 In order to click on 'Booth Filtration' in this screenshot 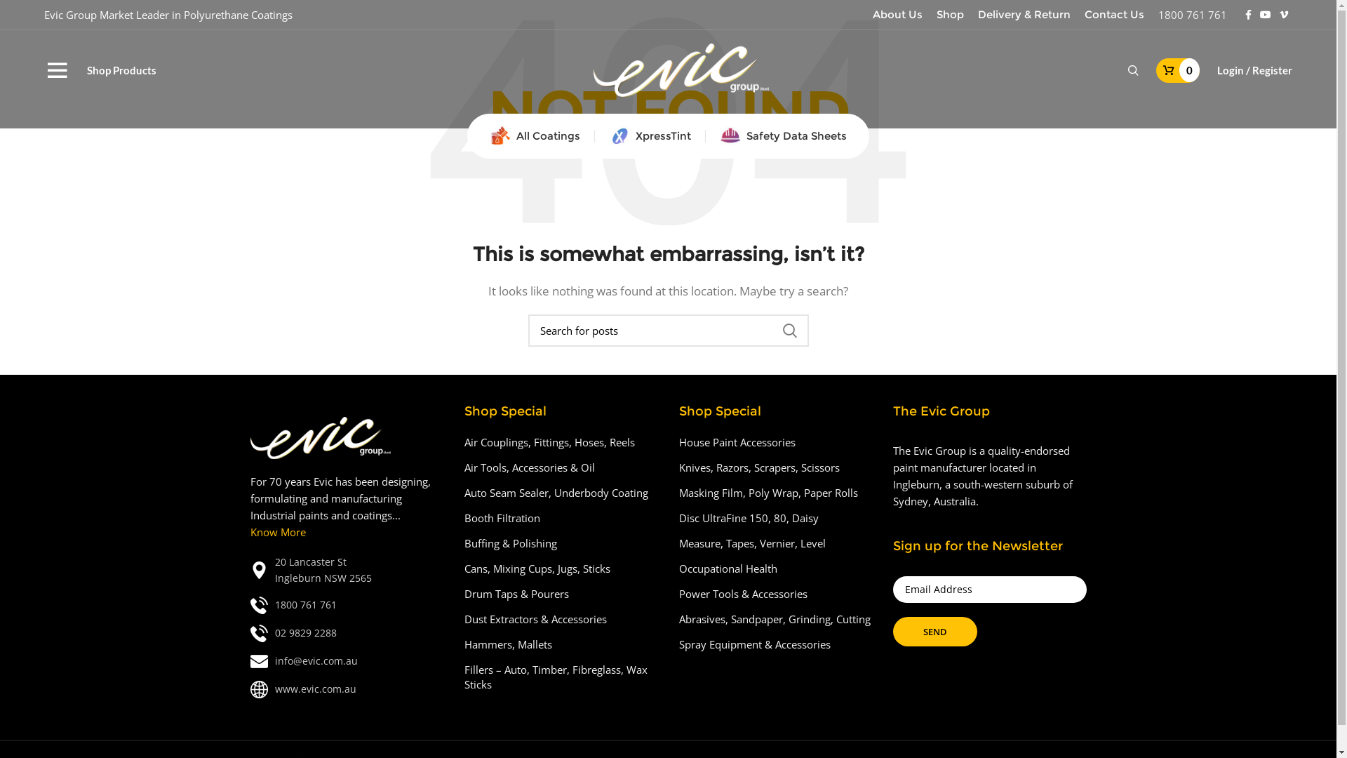, I will do `click(502, 518)`.